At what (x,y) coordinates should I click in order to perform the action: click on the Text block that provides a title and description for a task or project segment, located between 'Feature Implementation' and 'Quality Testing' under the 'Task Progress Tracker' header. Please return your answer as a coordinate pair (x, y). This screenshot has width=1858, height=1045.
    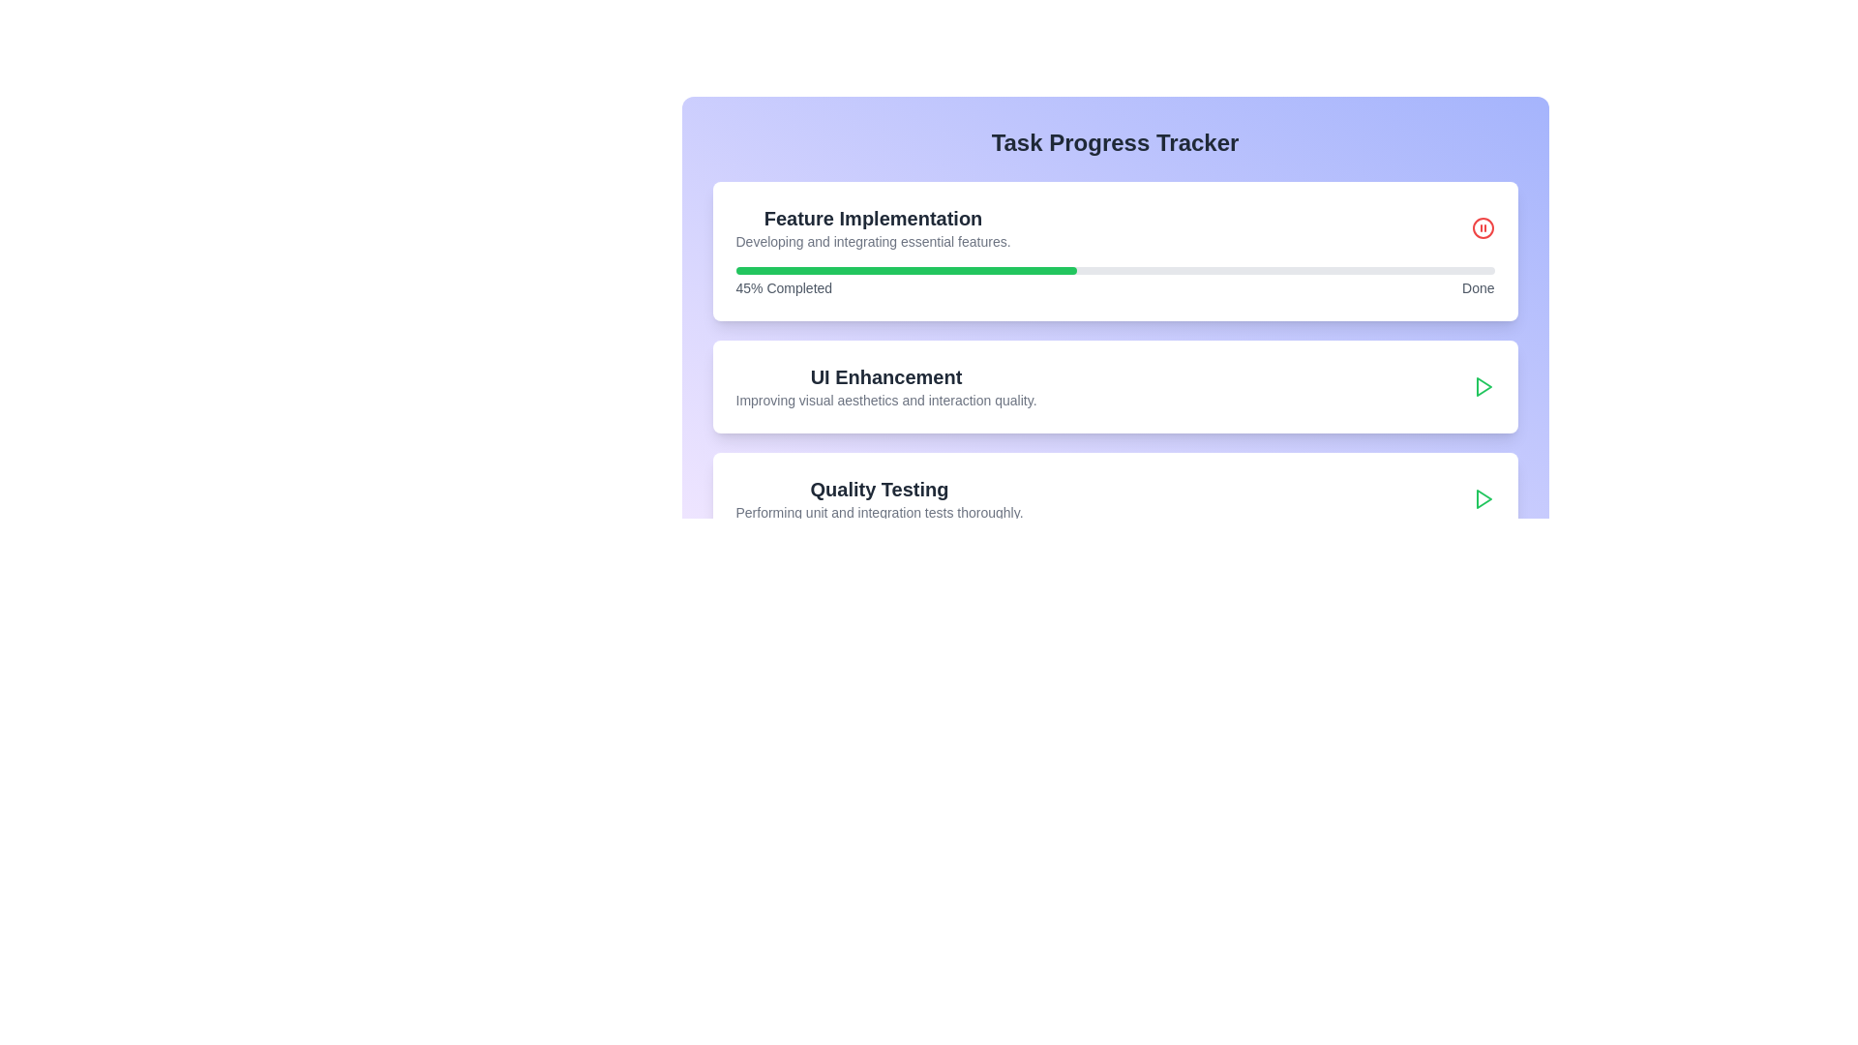
    Looking at the image, I should click on (885, 387).